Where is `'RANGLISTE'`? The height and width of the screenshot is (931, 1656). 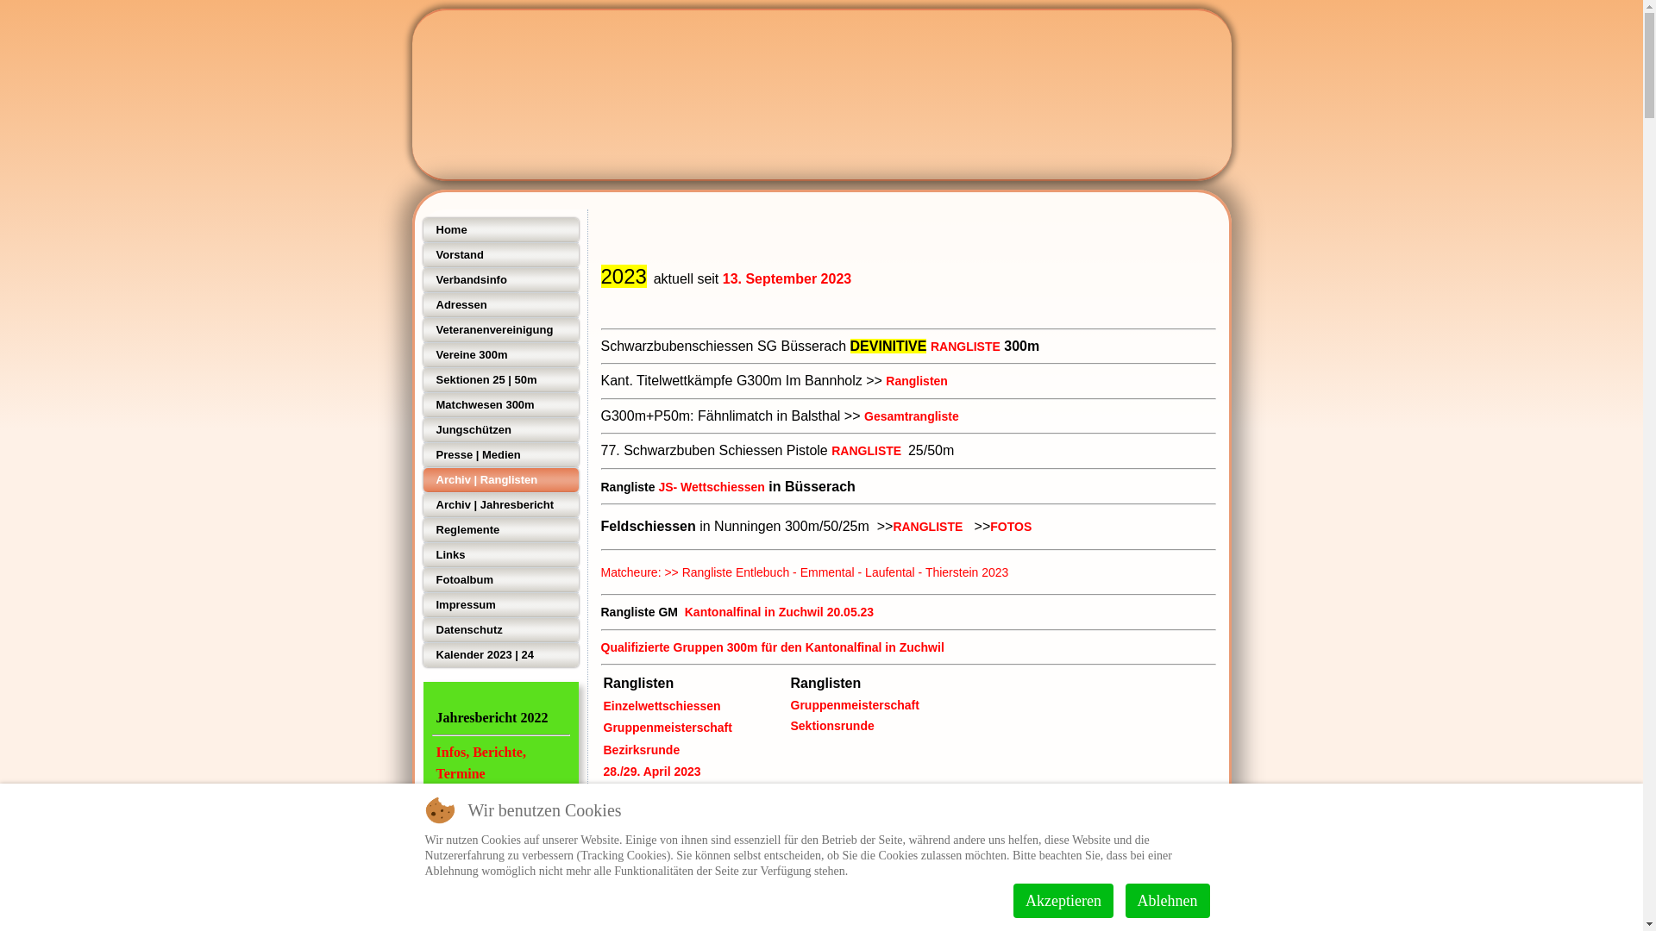
'RANGLISTE' is located at coordinates (964, 346).